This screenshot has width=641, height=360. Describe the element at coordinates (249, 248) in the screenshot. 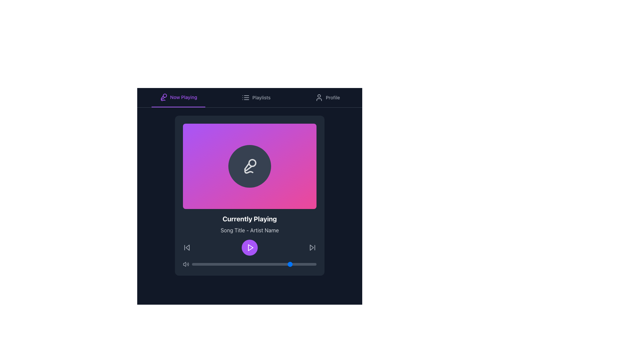

I see `the play button located at the center of the bottom section of the 'Currently Playing' card to initiate media playback` at that location.